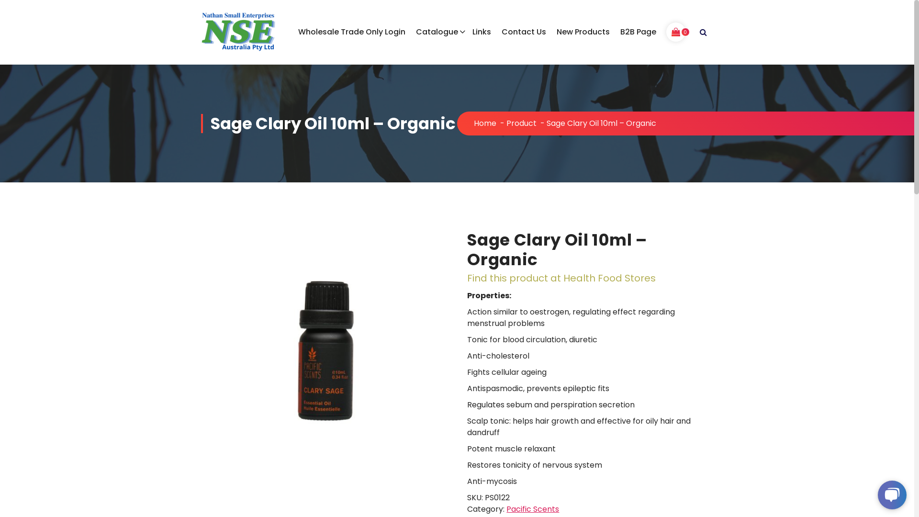  What do you see at coordinates (505, 508) in the screenshot?
I see `'Pacific Scents'` at bounding box center [505, 508].